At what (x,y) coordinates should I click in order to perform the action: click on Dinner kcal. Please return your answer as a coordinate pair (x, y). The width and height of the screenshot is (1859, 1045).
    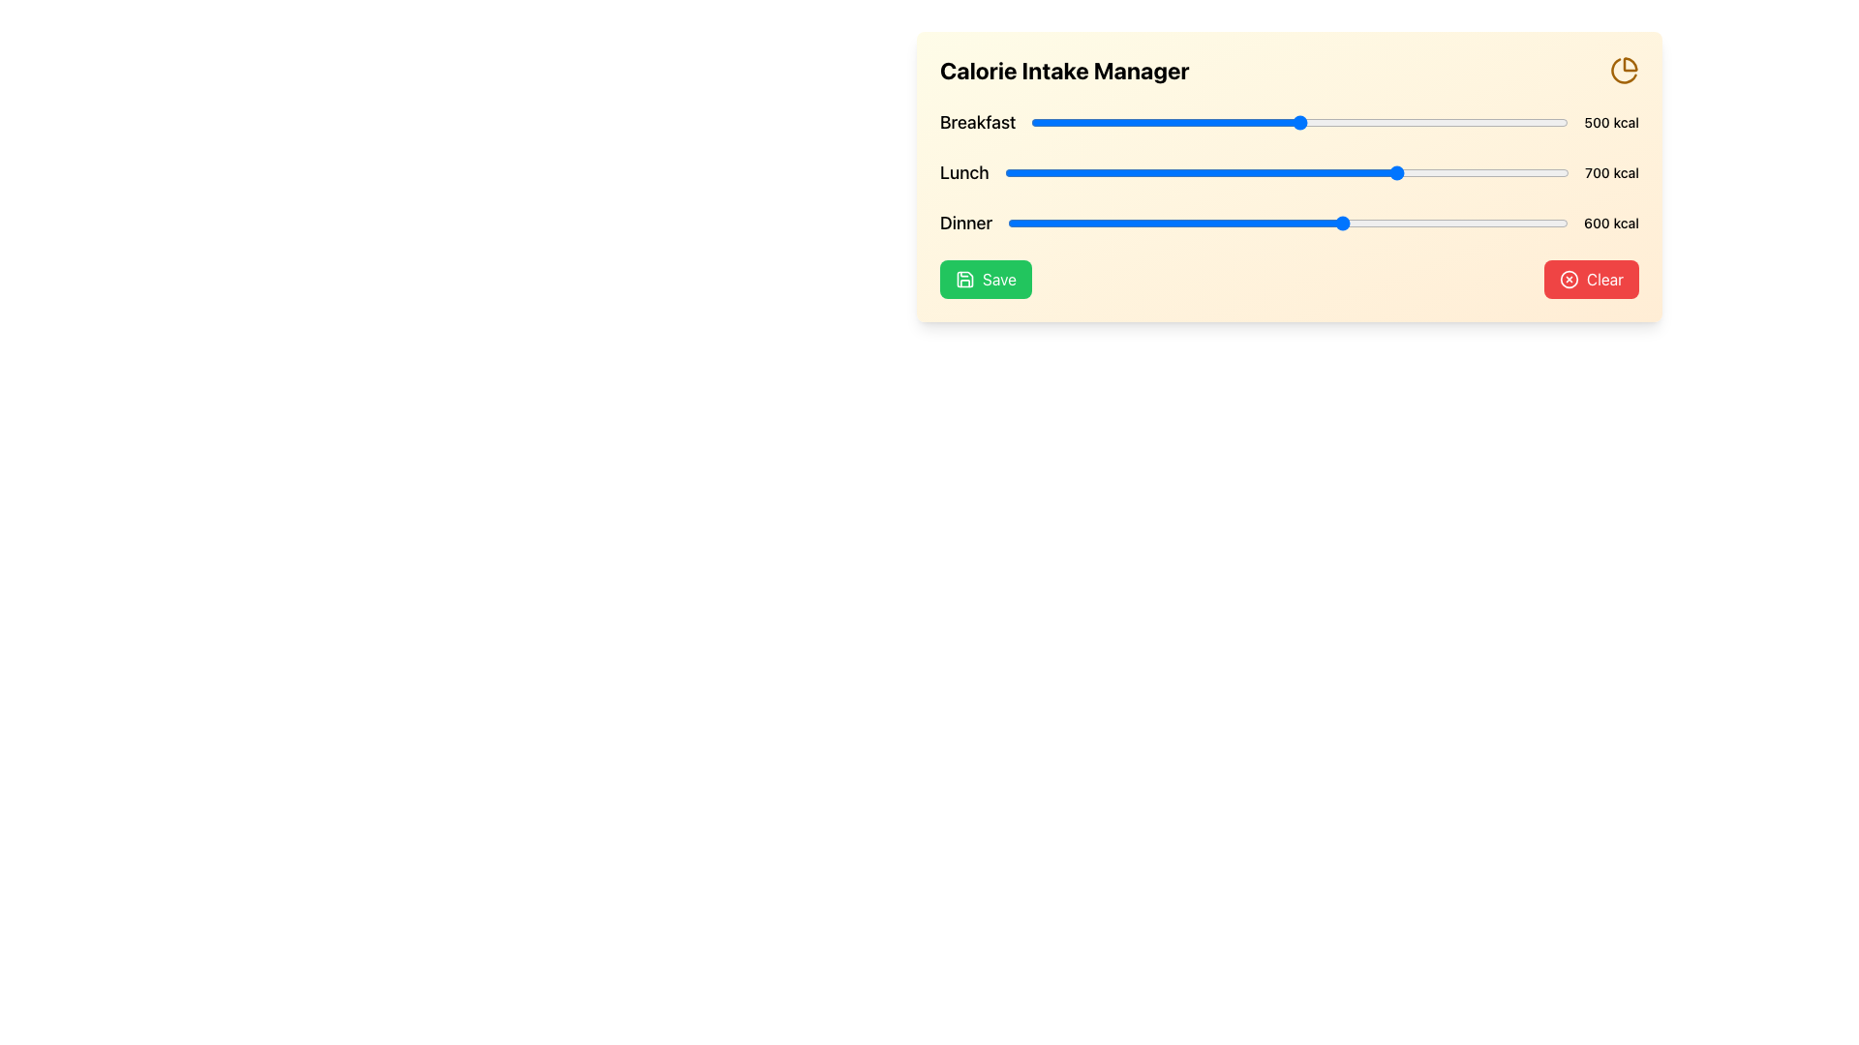
    Looking at the image, I should click on (1341, 223).